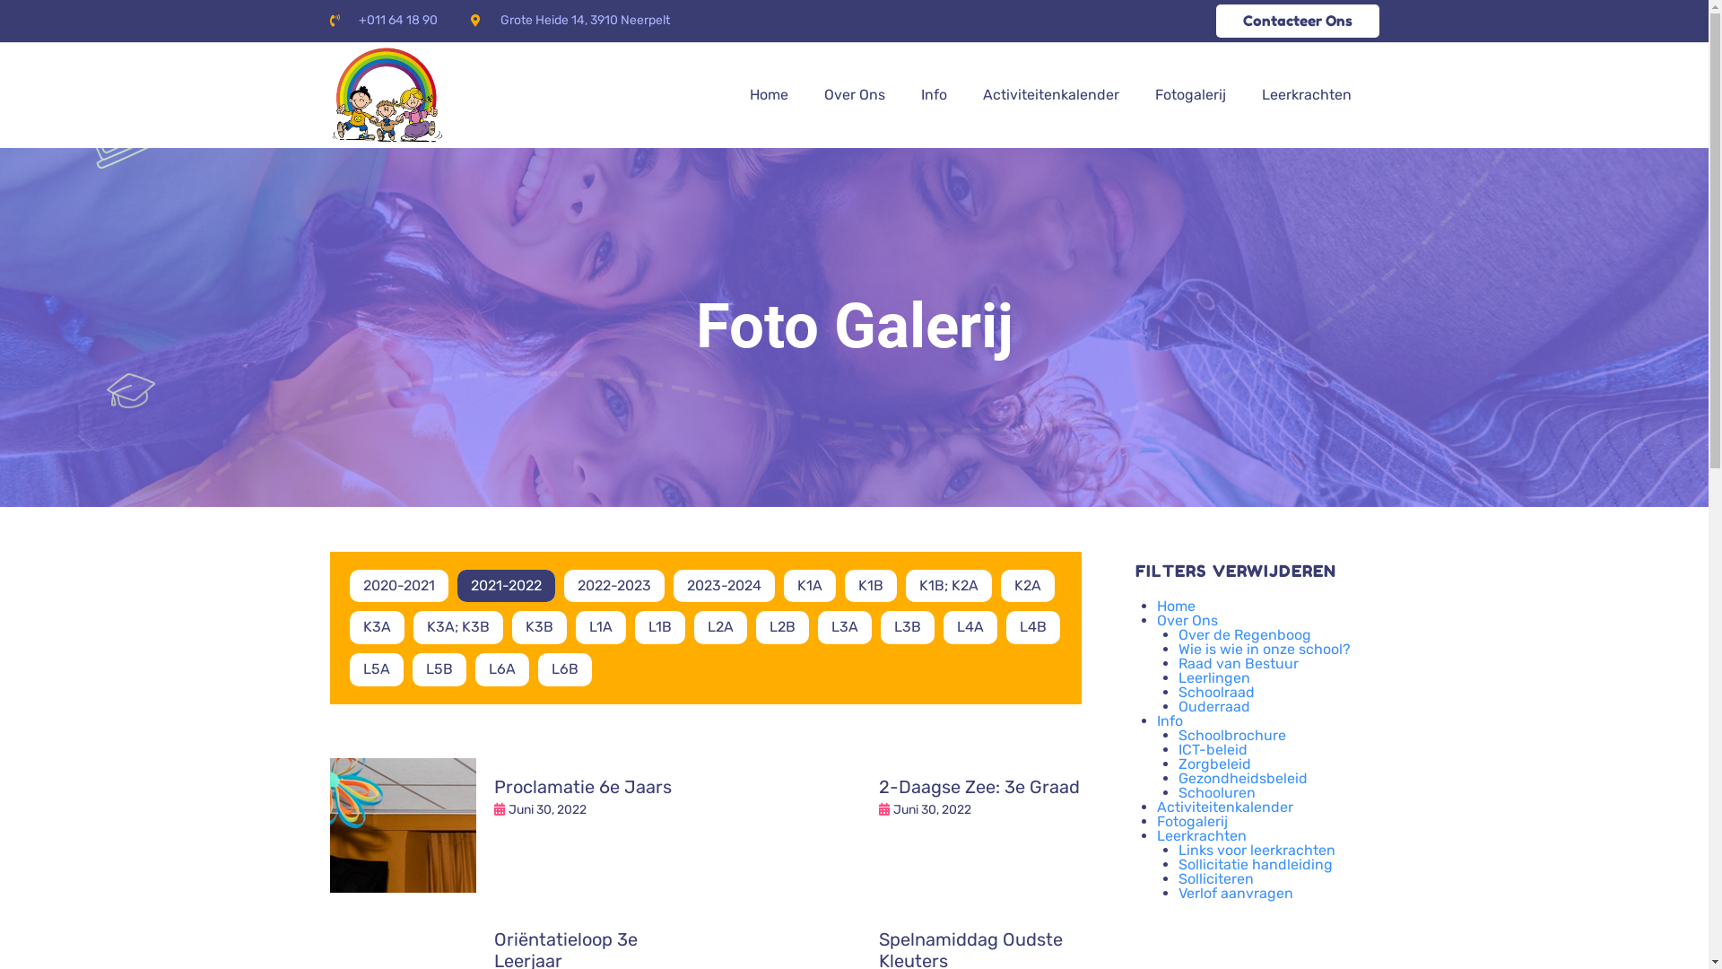  Describe the element at coordinates (1050, 94) in the screenshot. I see `'Activiteitenkalender'` at that location.